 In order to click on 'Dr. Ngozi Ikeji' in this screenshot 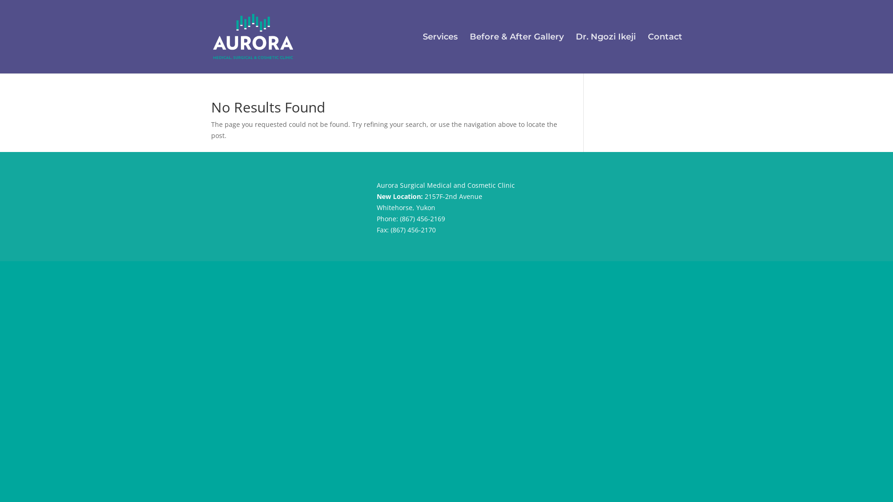, I will do `click(606, 53)`.